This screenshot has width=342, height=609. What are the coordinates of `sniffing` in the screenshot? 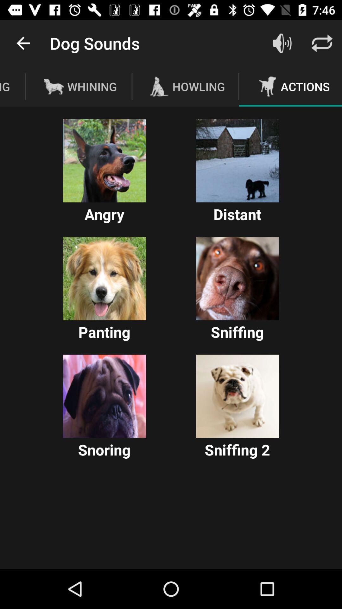 It's located at (237, 278).